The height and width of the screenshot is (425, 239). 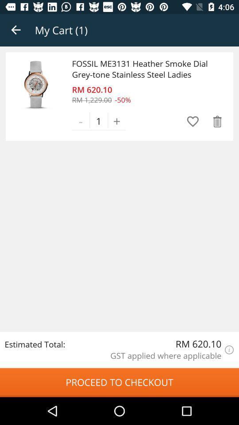 I want to click on go back, so click(x=16, y=30).